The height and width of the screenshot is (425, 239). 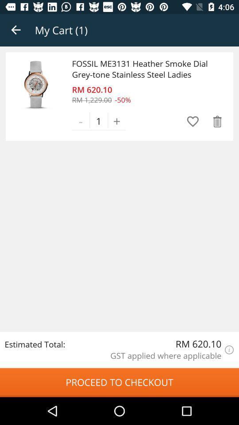 I want to click on go back, so click(x=16, y=30).